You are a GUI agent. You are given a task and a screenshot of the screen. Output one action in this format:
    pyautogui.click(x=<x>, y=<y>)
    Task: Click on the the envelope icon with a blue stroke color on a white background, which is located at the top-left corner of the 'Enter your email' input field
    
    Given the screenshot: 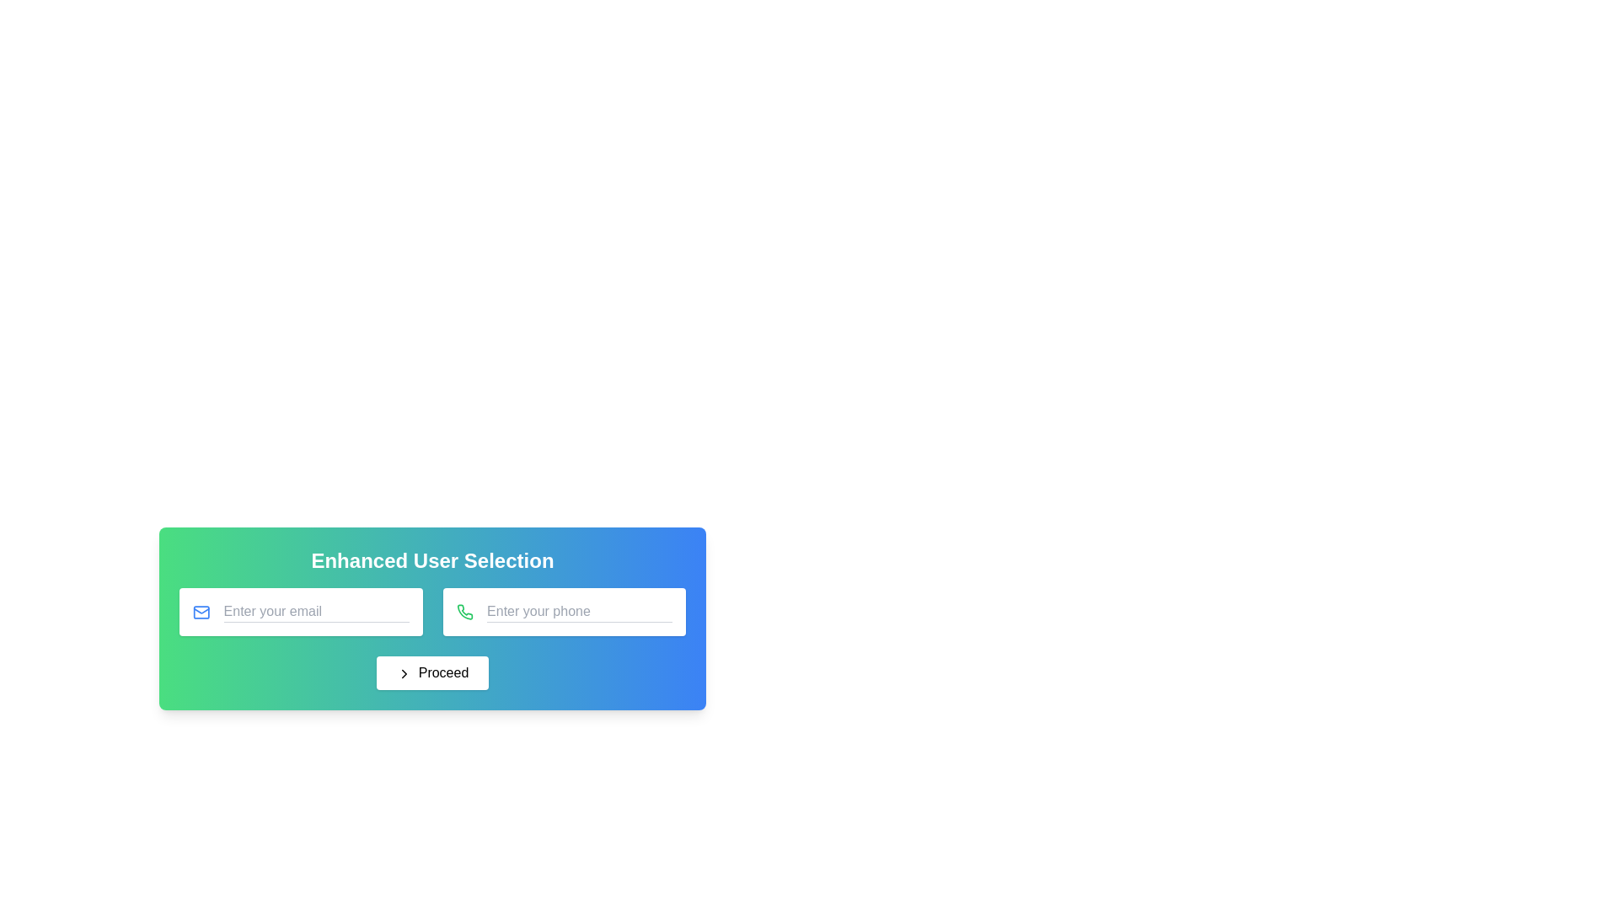 What is the action you would take?
    pyautogui.click(x=201, y=612)
    